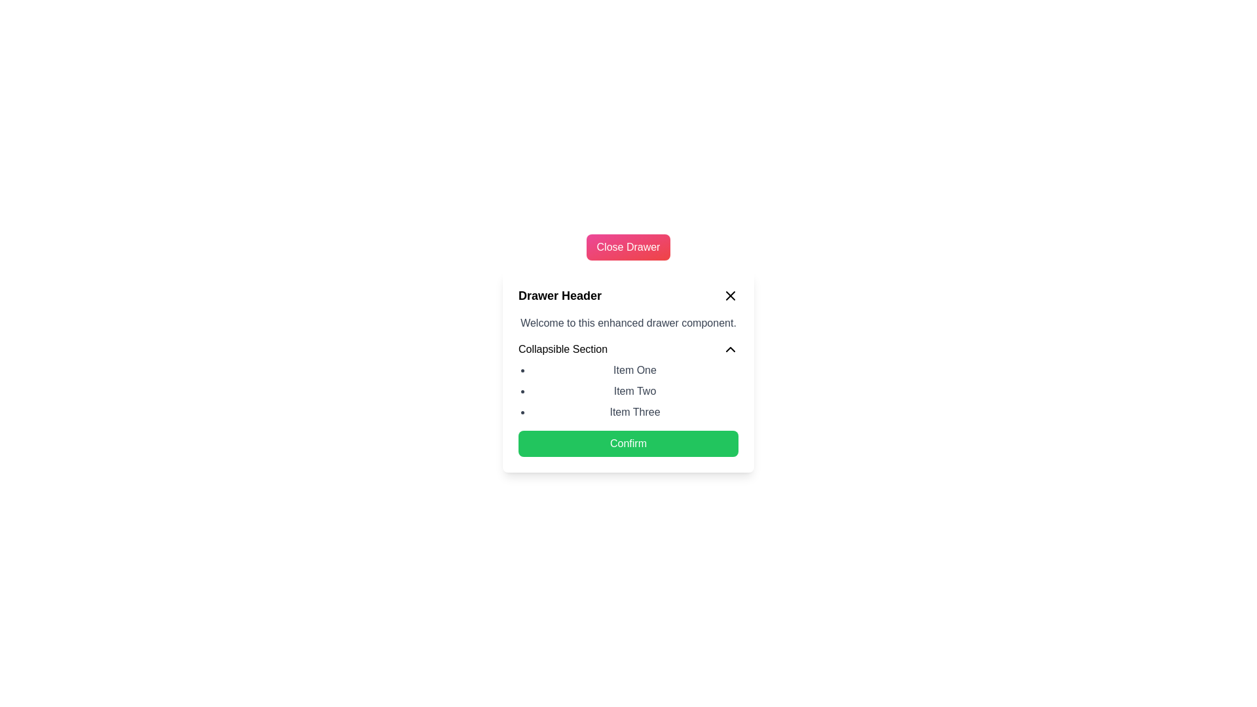 The width and height of the screenshot is (1257, 707). What do you see at coordinates (628, 323) in the screenshot?
I see `text label that says 'Welcome to this enhanced drawer component.' which is styled in a medium-sized sans-serif font and positioned within a card layout, centered in a white background` at bounding box center [628, 323].